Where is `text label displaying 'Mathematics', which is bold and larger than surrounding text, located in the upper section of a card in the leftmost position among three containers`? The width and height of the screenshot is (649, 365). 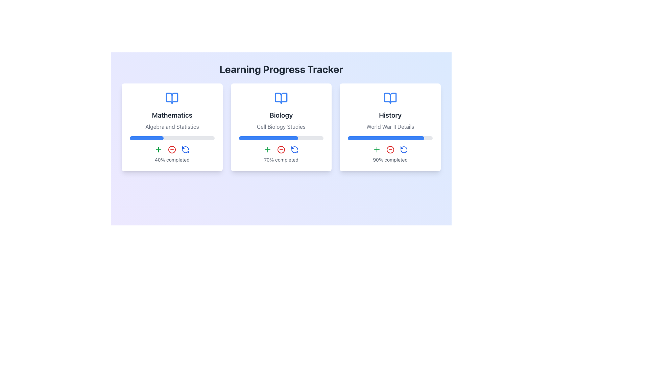
text label displaying 'Mathematics', which is bold and larger than surrounding text, located in the upper section of a card in the leftmost position among three containers is located at coordinates (172, 115).